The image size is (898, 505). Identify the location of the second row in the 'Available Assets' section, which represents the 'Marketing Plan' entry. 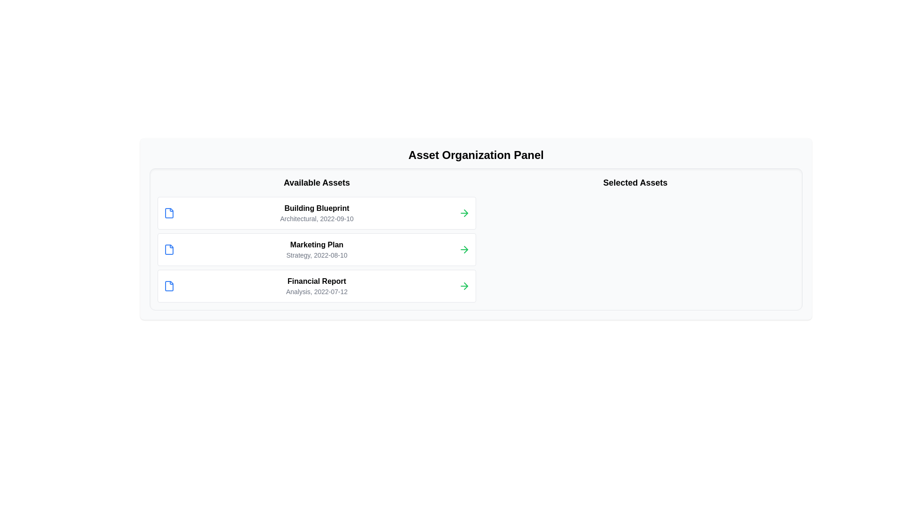
(317, 249).